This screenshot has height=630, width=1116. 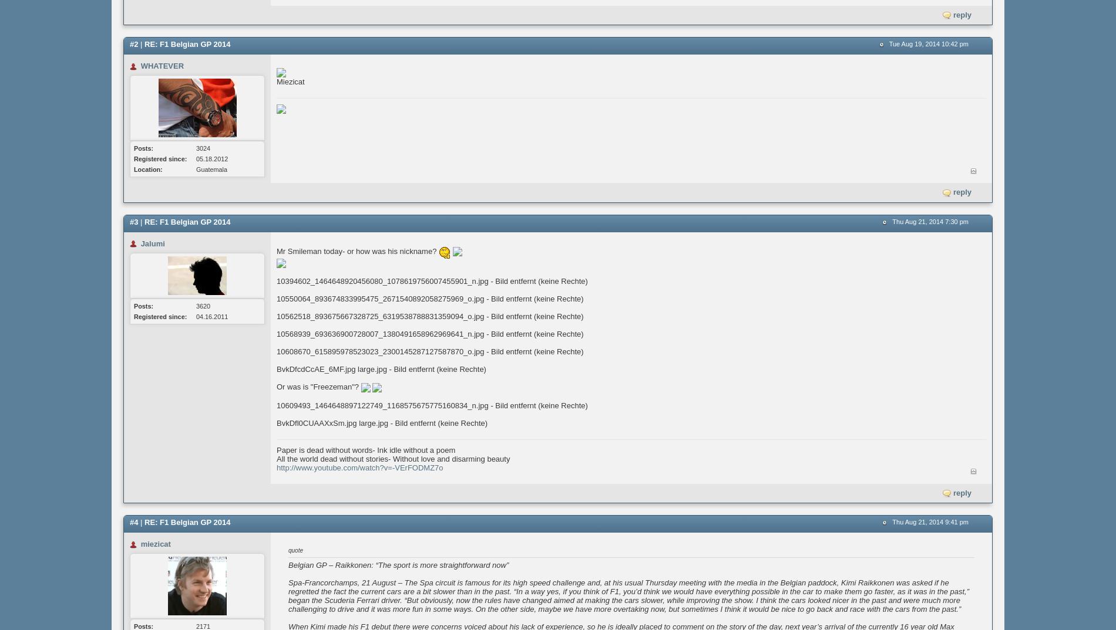 I want to click on 'http://www.youtube.com/watch?v=-VErFODMZ7o', so click(x=359, y=466).